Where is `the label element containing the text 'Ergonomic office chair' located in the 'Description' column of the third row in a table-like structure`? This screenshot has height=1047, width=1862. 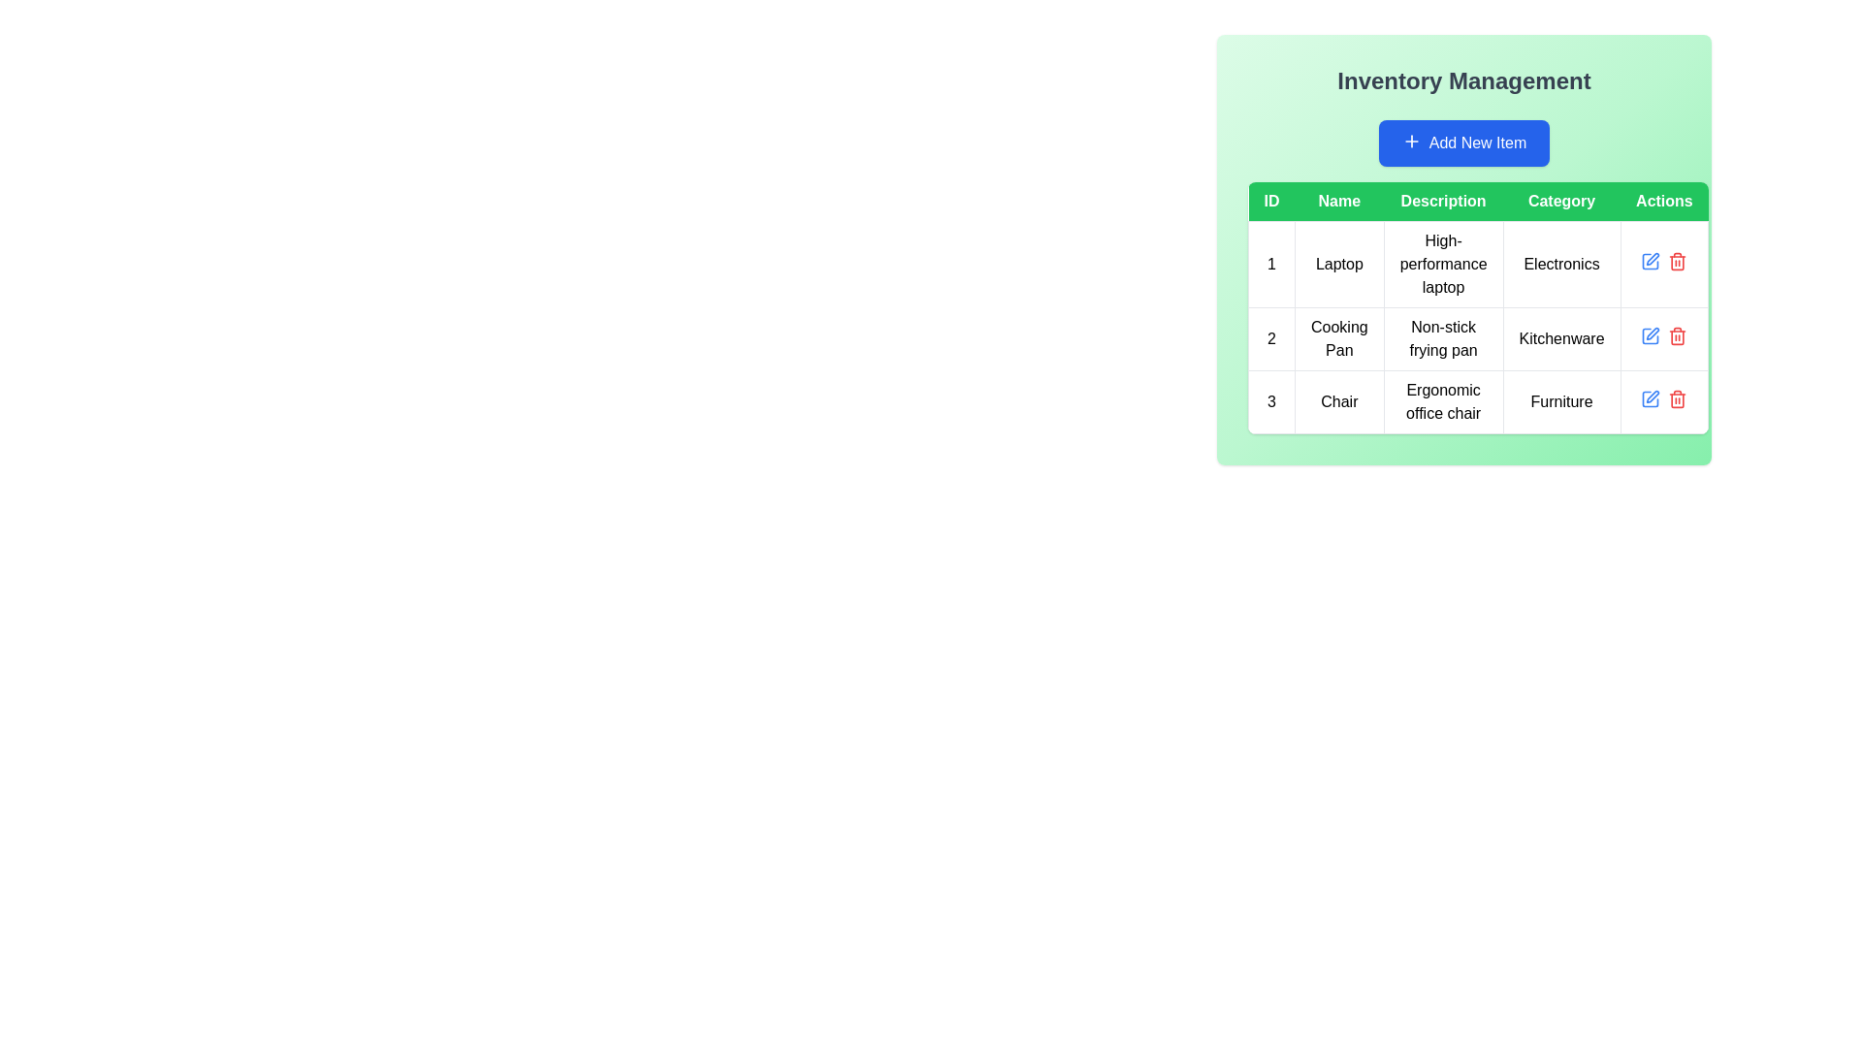 the label element containing the text 'Ergonomic office chair' located in the 'Description' column of the third row in a table-like structure is located at coordinates (1443, 401).